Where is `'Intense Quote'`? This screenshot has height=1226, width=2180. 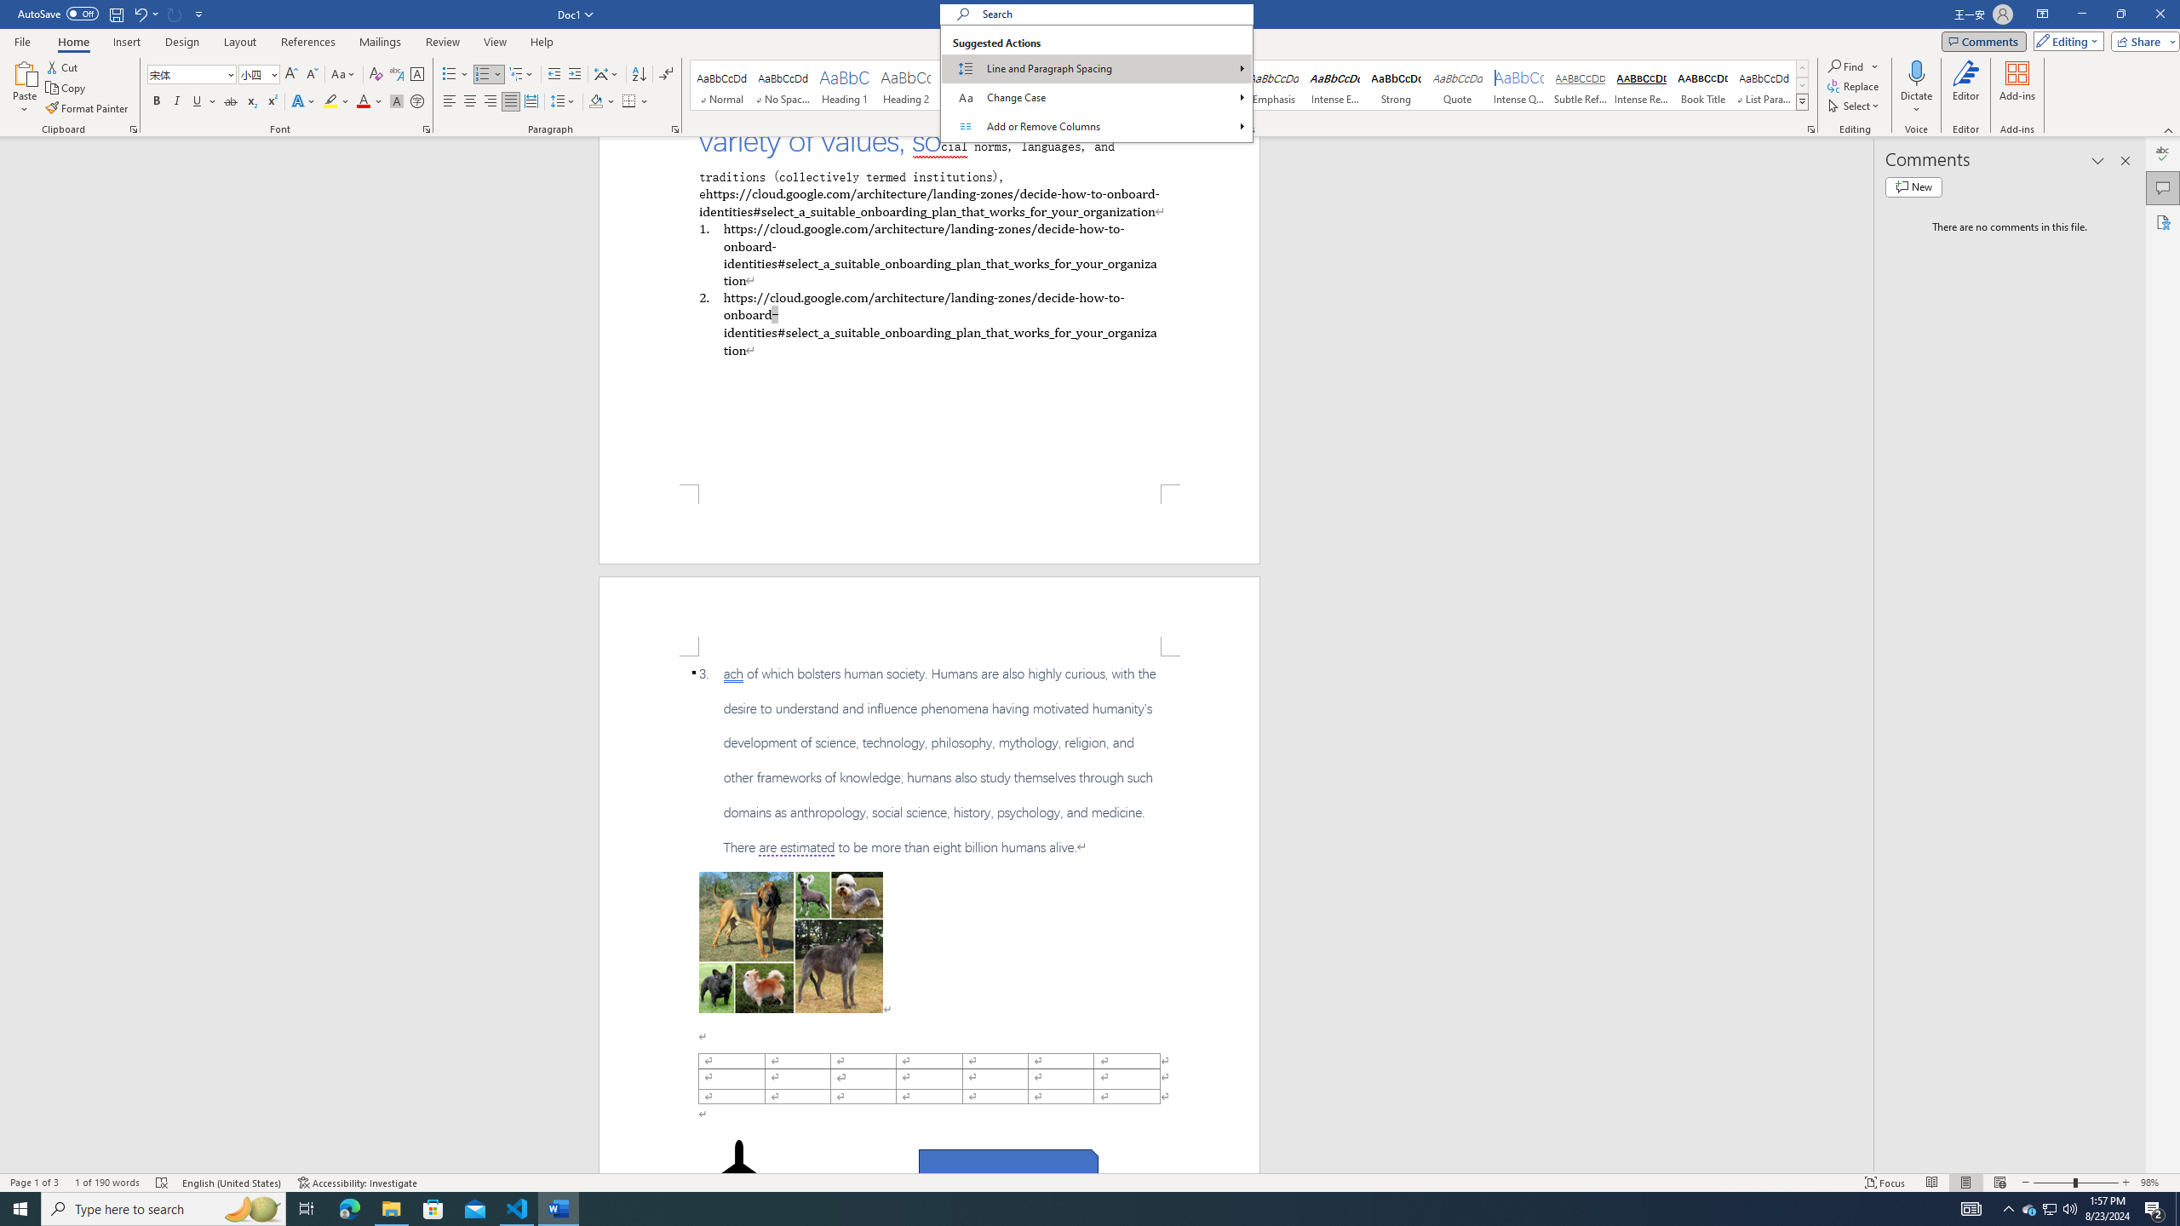 'Intense Quote' is located at coordinates (1519, 84).